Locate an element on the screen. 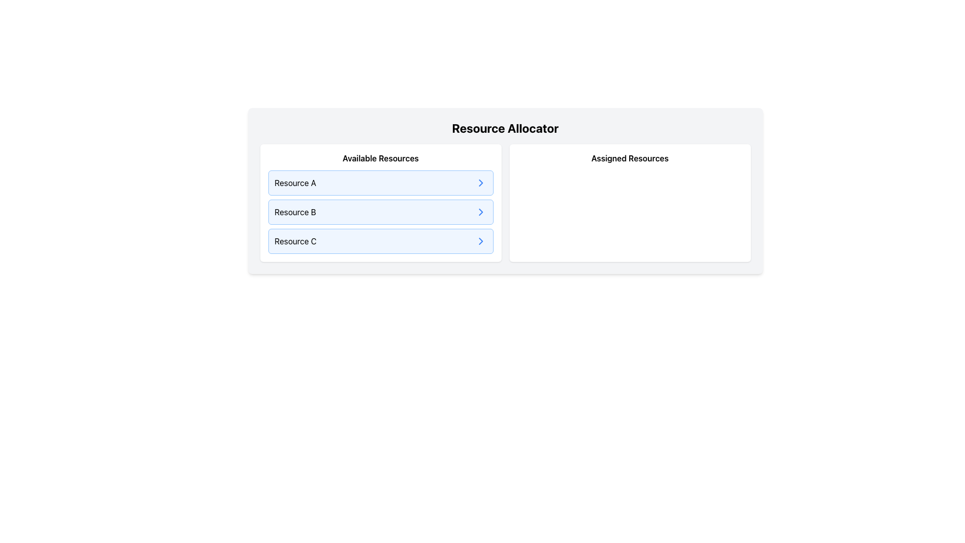 The height and width of the screenshot is (543, 965). the blue chevron arrow icon button located in the 'Resource A' row of the 'Available Resources' section is located at coordinates (480, 183).